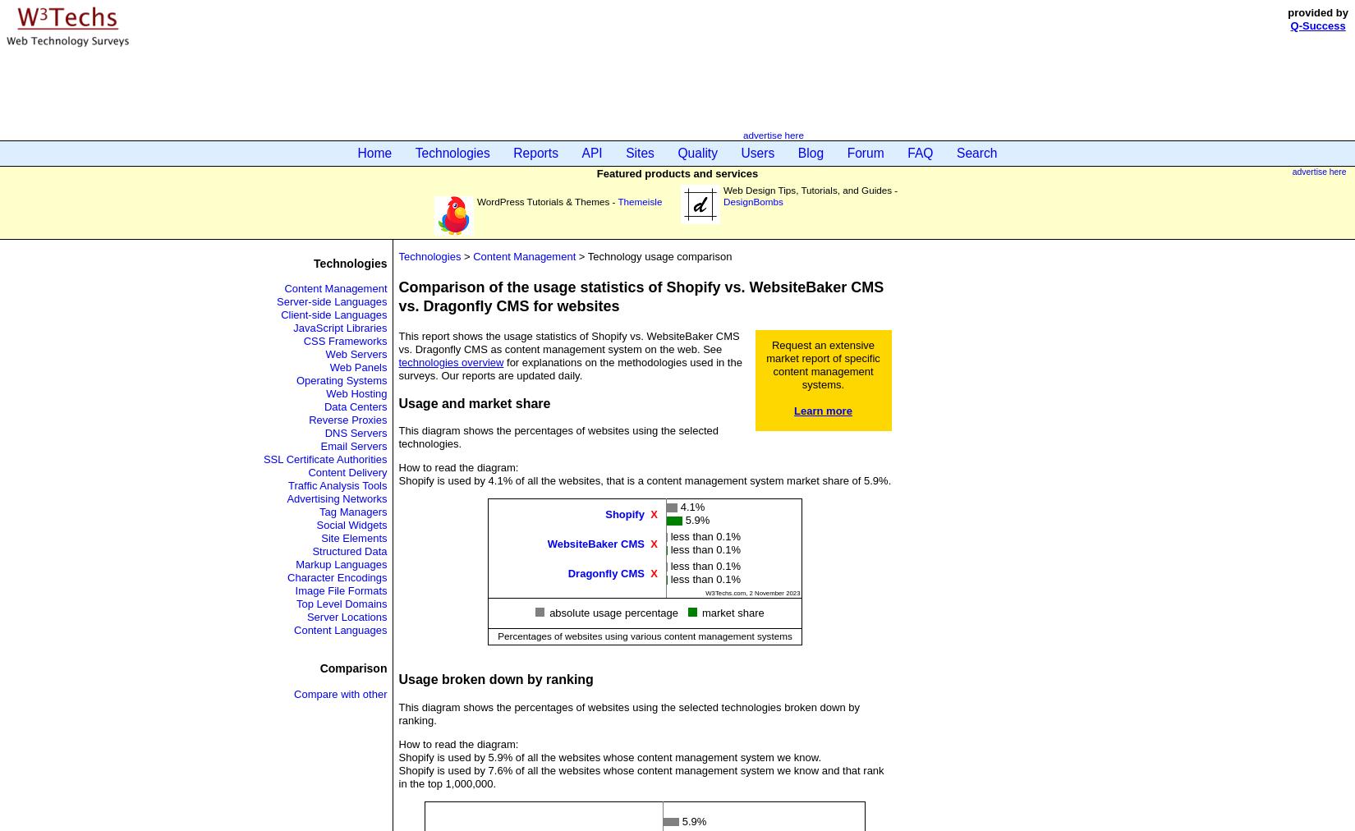 The image size is (1355, 831). I want to click on 'Shopify', so click(623, 512).